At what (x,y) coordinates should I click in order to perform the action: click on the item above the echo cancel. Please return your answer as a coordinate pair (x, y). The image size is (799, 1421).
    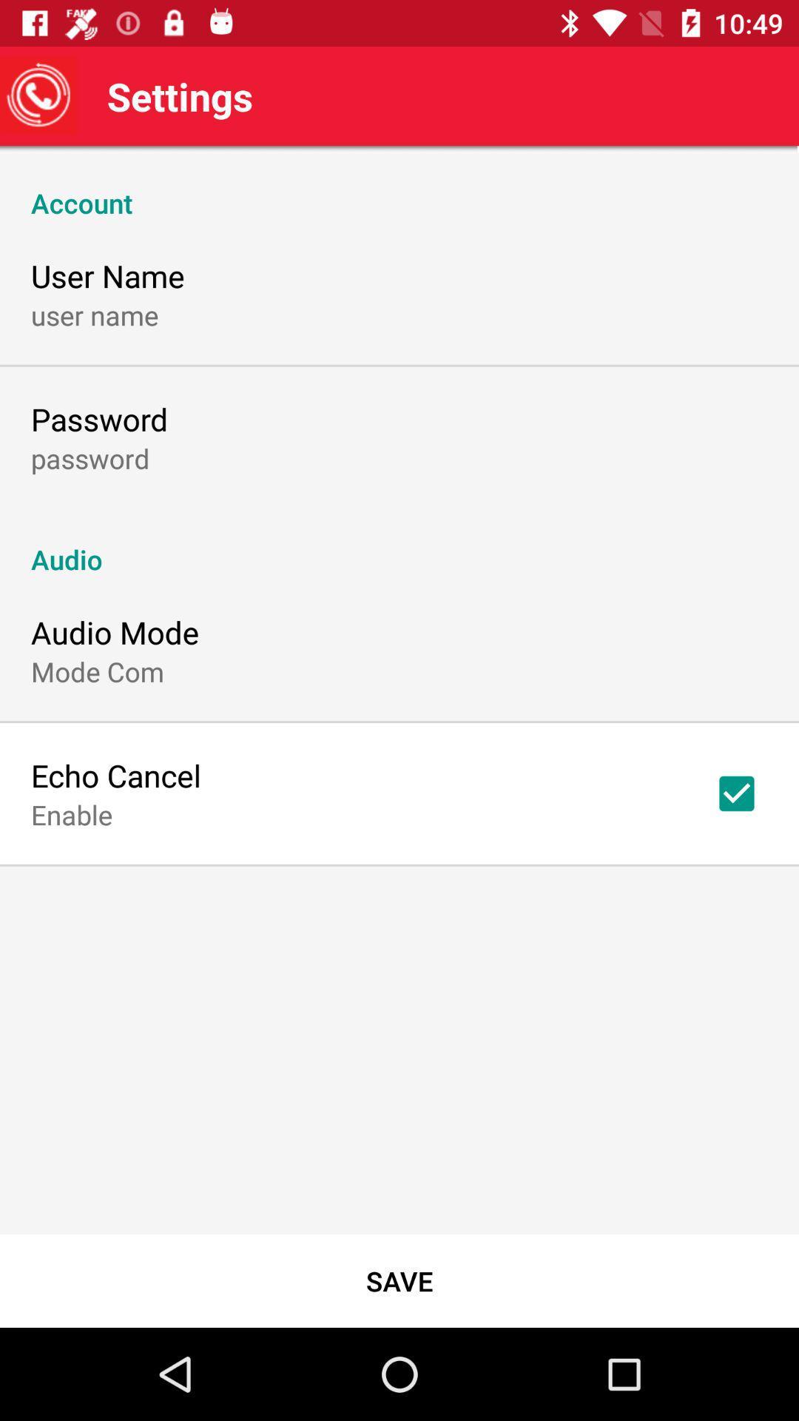
    Looking at the image, I should click on (97, 671).